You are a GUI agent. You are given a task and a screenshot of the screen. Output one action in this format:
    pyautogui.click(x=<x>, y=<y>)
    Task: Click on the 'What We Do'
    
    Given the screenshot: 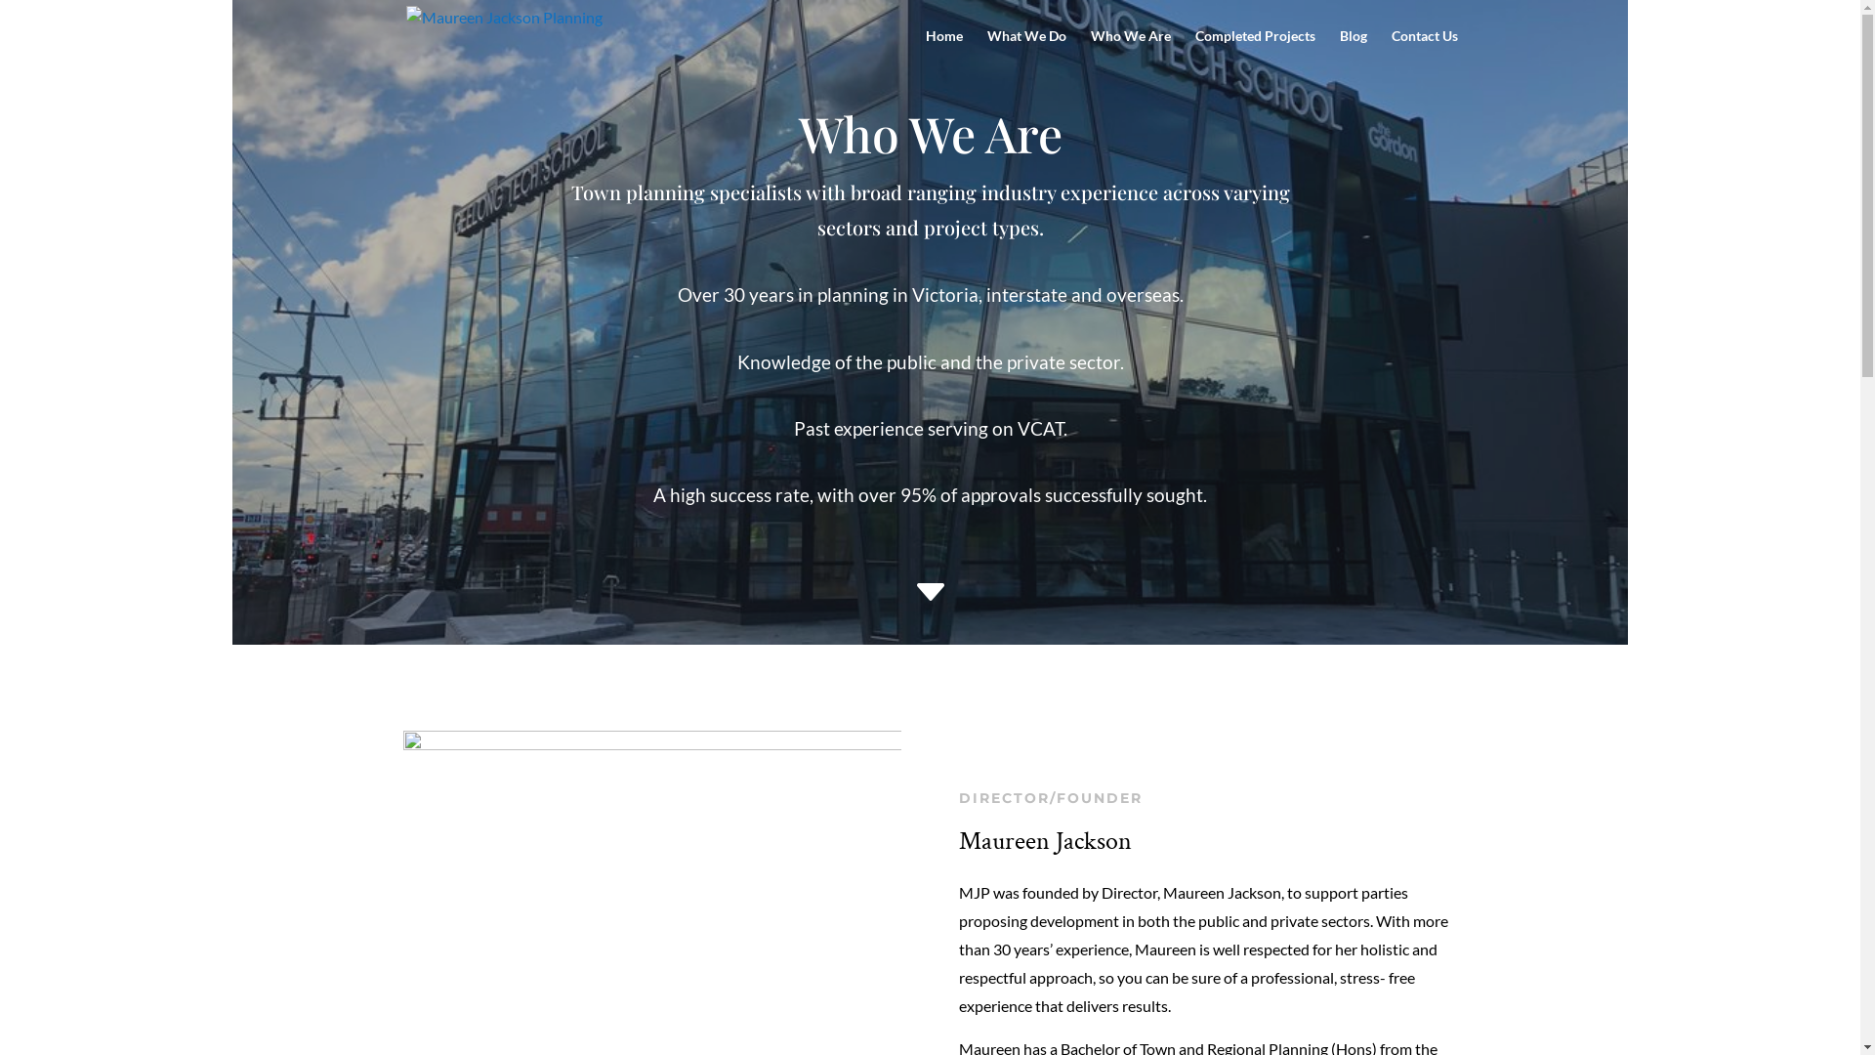 What is the action you would take?
    pyautogui.click(x=1024, y=49)
    